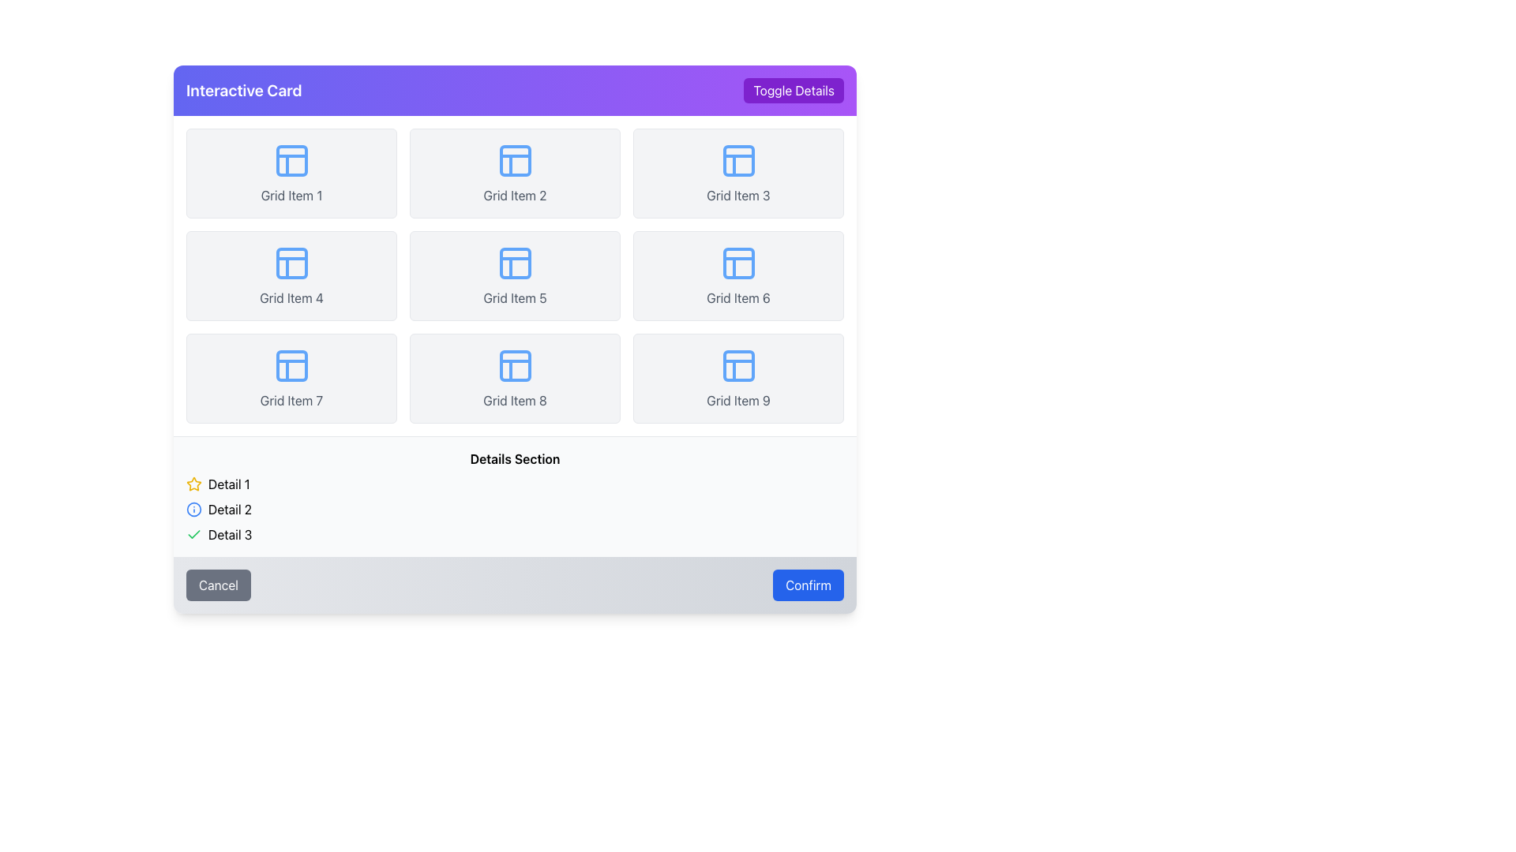 The height and width of the screenshot is (852, 1516). I want to click on the text label displaying 'Grid Item 9', which is styled in a smaller gray font and located underneath an icon group within its card in the bottom-right corner of a 3x3 grid layout, so click(737, 400).